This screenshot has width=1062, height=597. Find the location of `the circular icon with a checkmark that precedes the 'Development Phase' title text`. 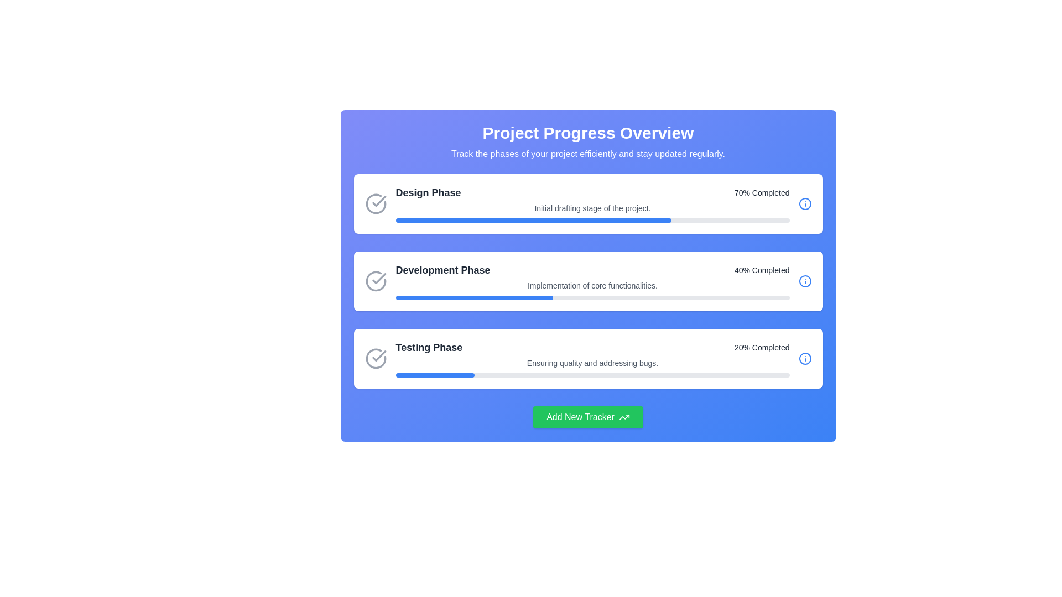

the circular icon with a checkmark that precedes the 'Development Phase' title text is located at coordinates (376, 281).